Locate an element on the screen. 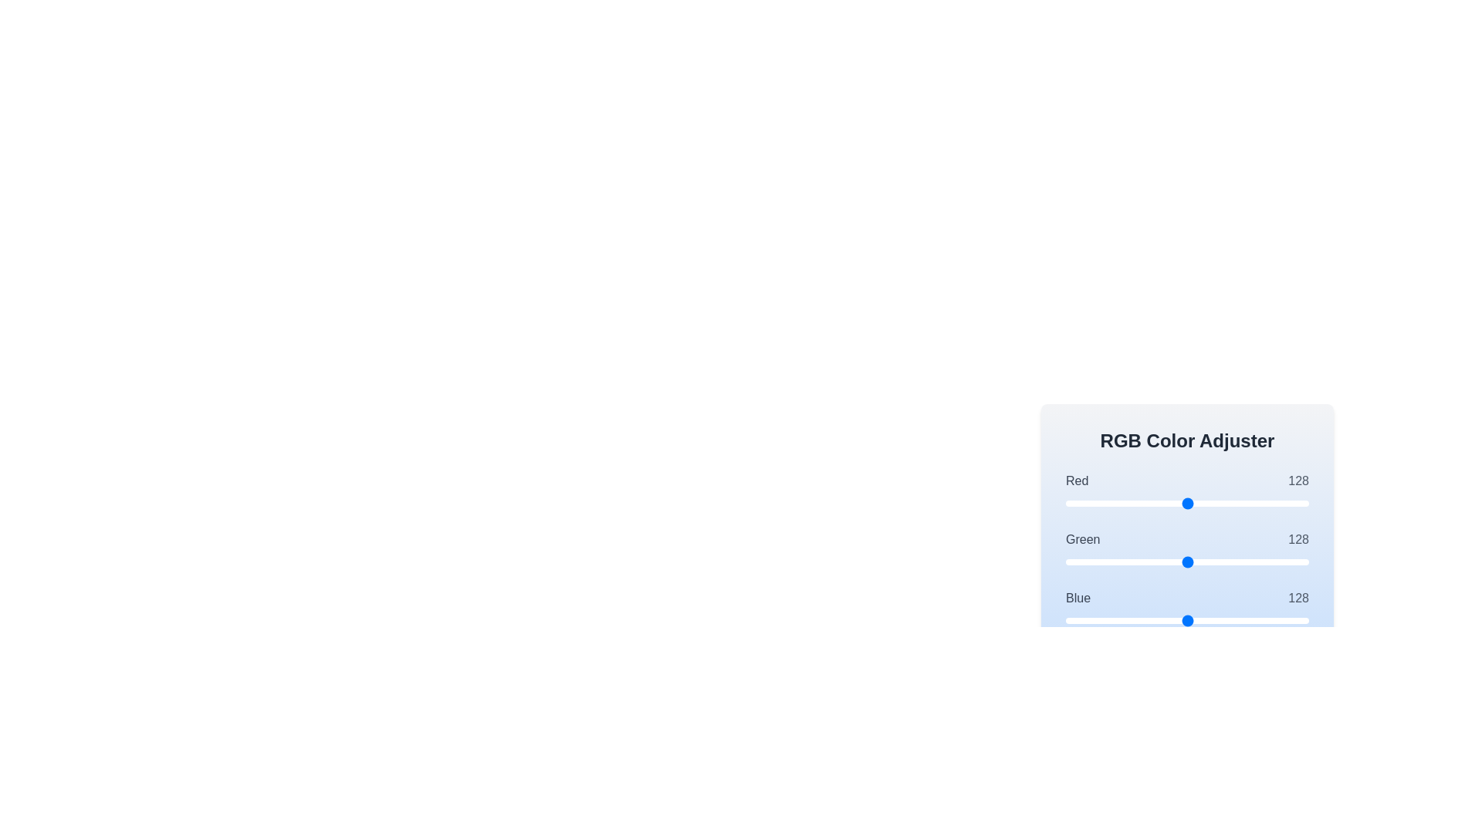 The width and height of the screenshot is (1482, 833). the 0 slider to set its value to 32 is located at coordinates (1095, 503).